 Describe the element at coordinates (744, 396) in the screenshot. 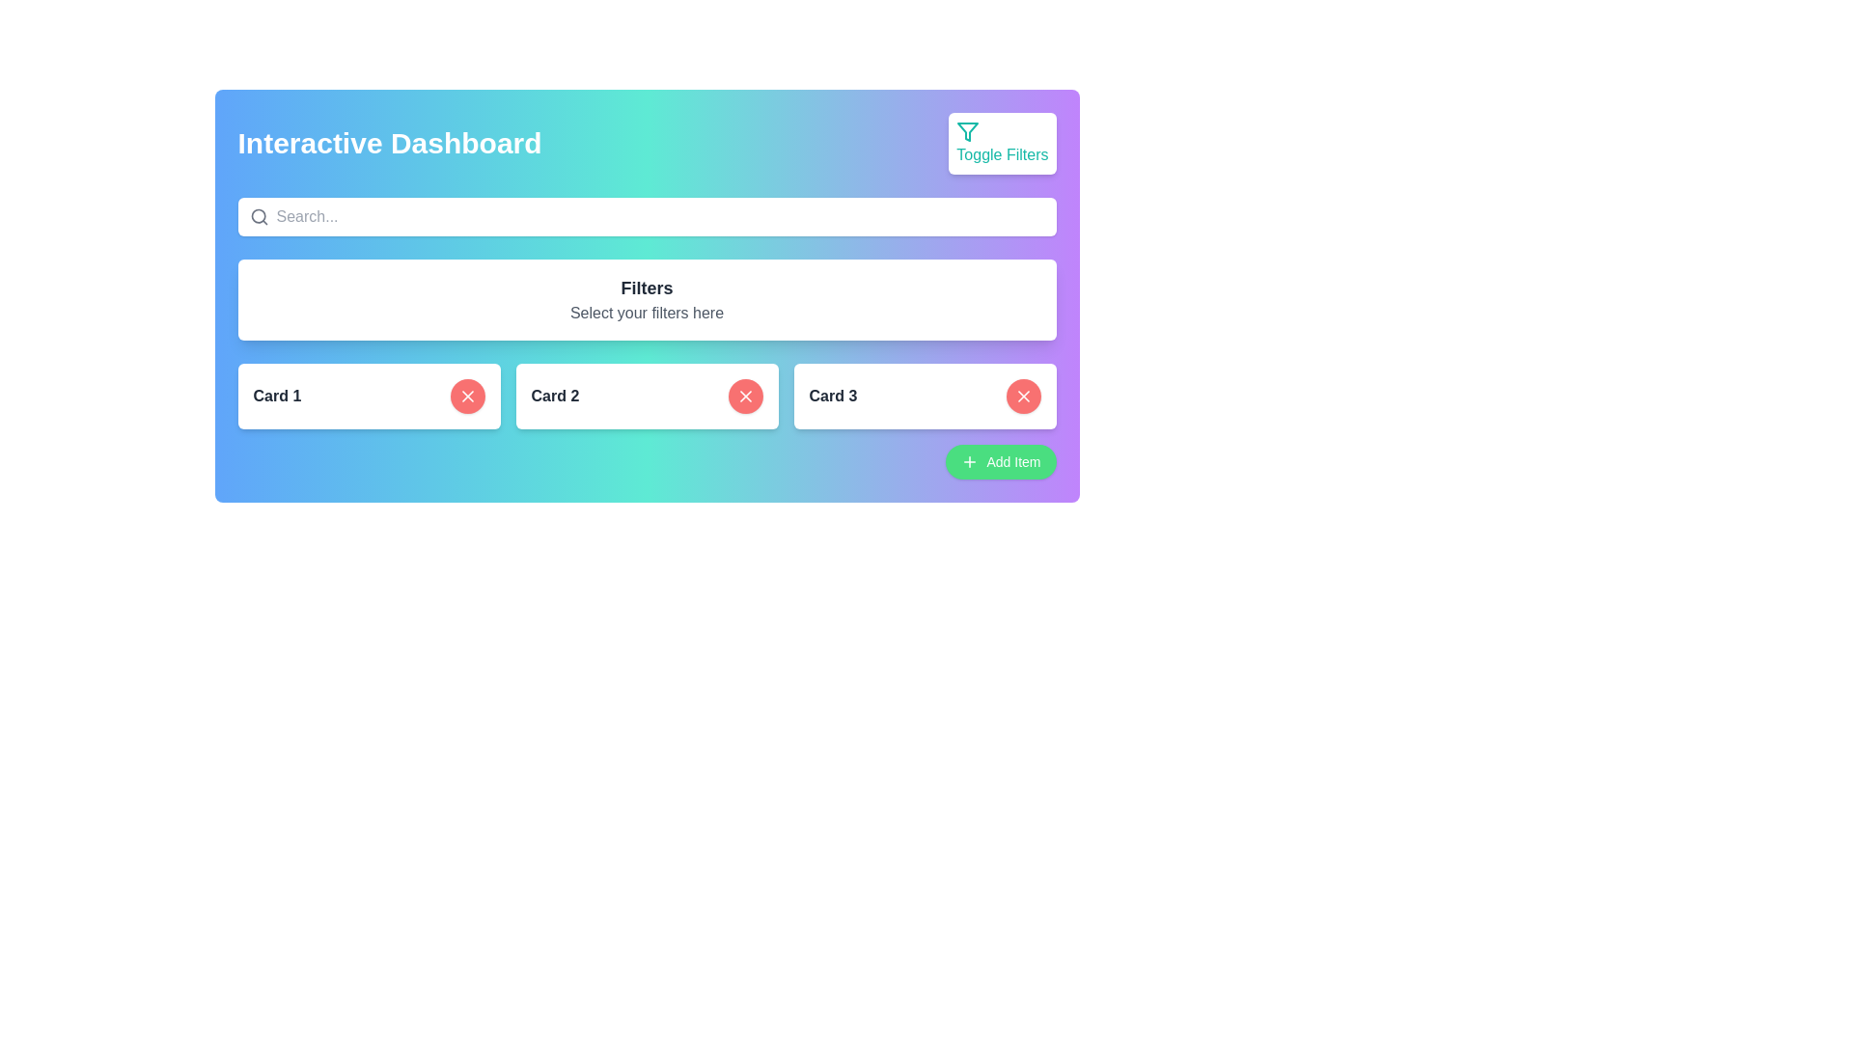

I see `the dismiss button located at the center-right area of the second card in a three-card layout` at that location.